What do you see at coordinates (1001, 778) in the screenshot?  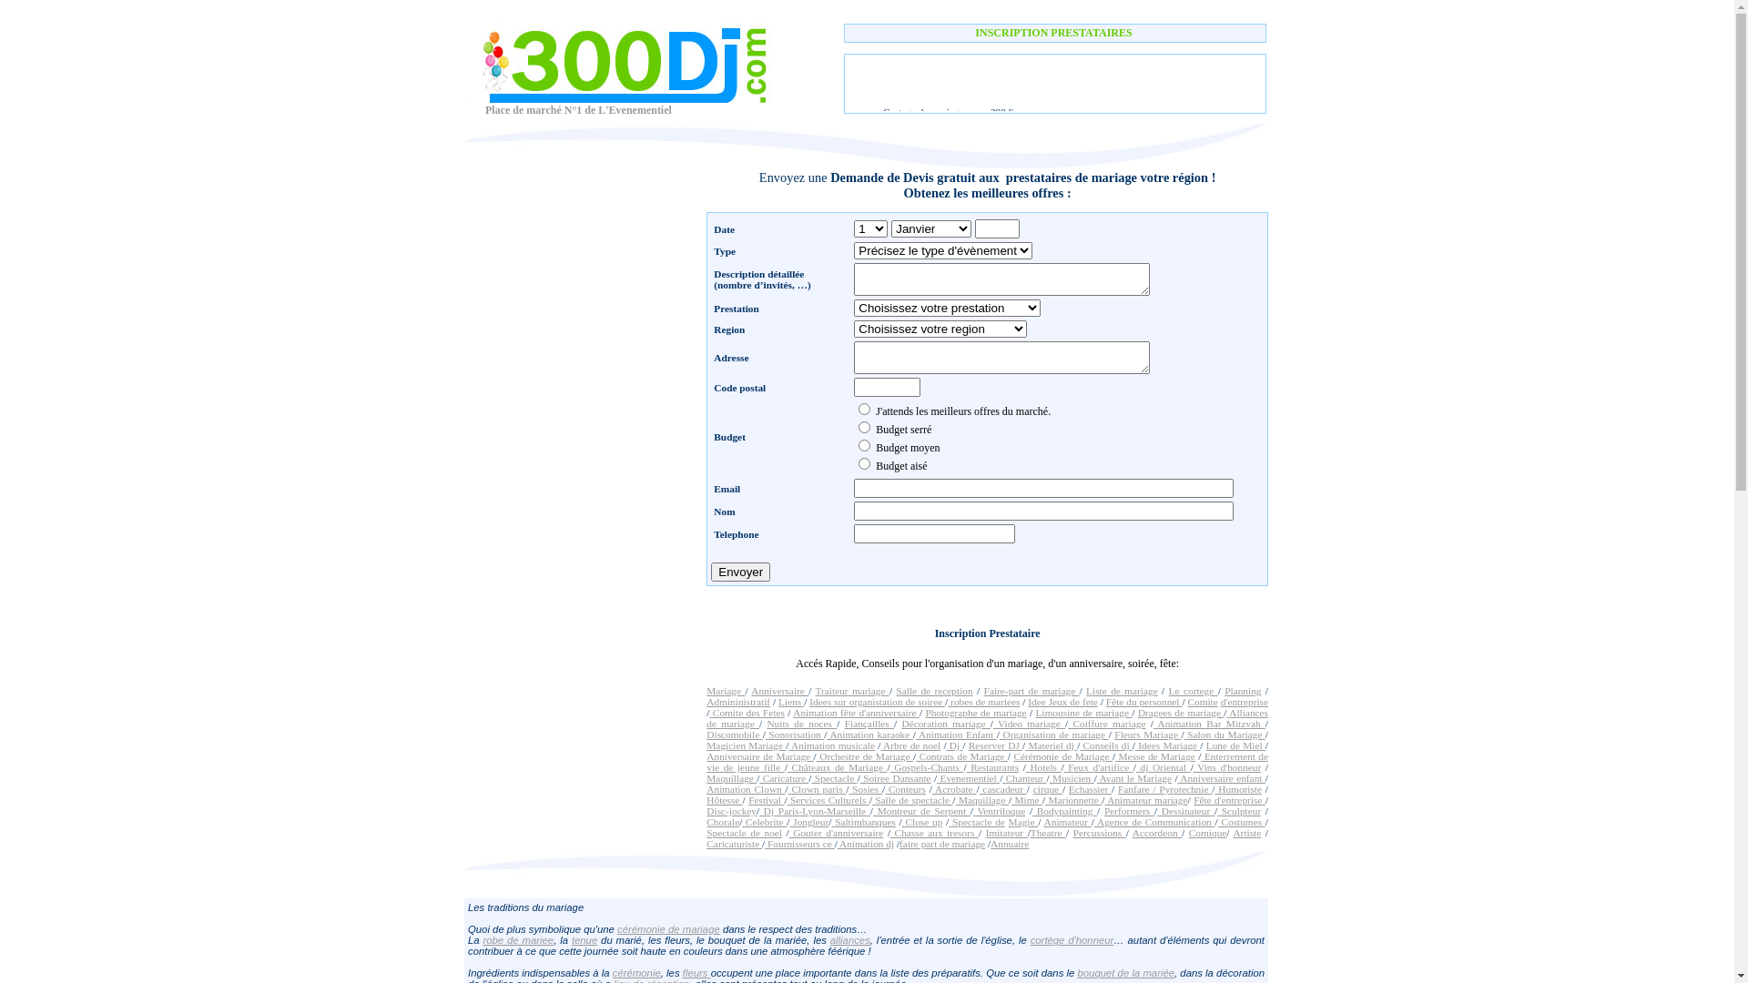 I see `'Chanteur'` at bounding box center [1001, 778].